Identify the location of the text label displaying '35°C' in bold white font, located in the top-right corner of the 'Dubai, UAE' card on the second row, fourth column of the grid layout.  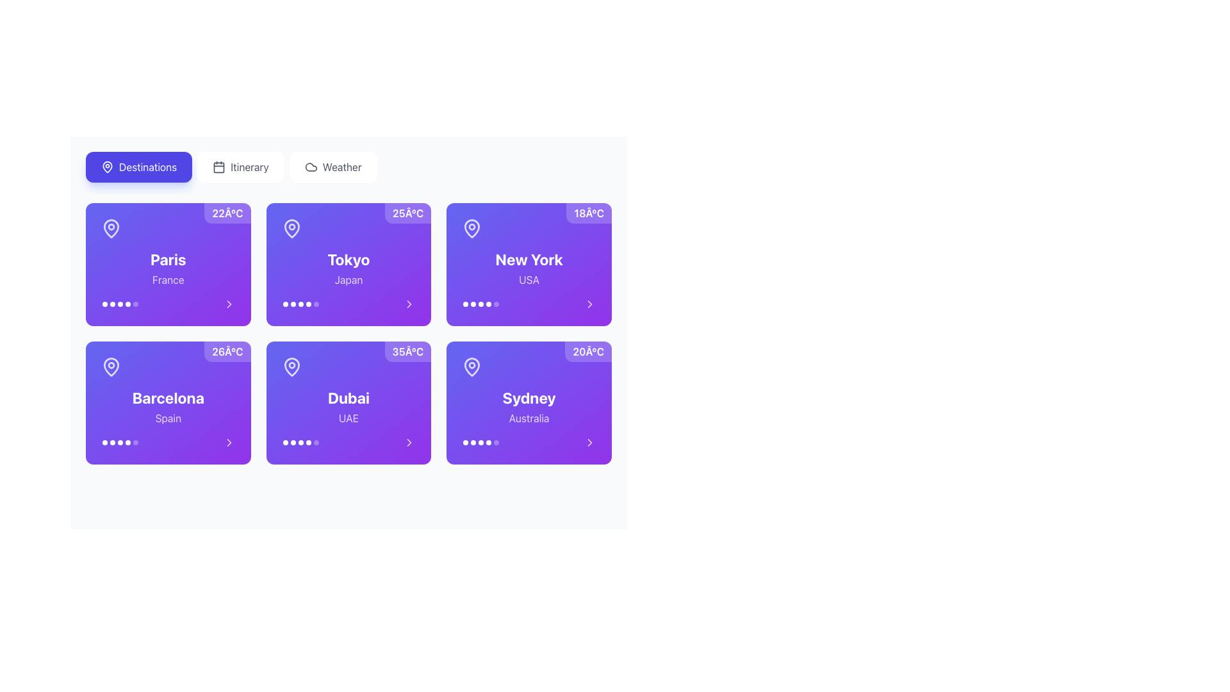
(407, 351).